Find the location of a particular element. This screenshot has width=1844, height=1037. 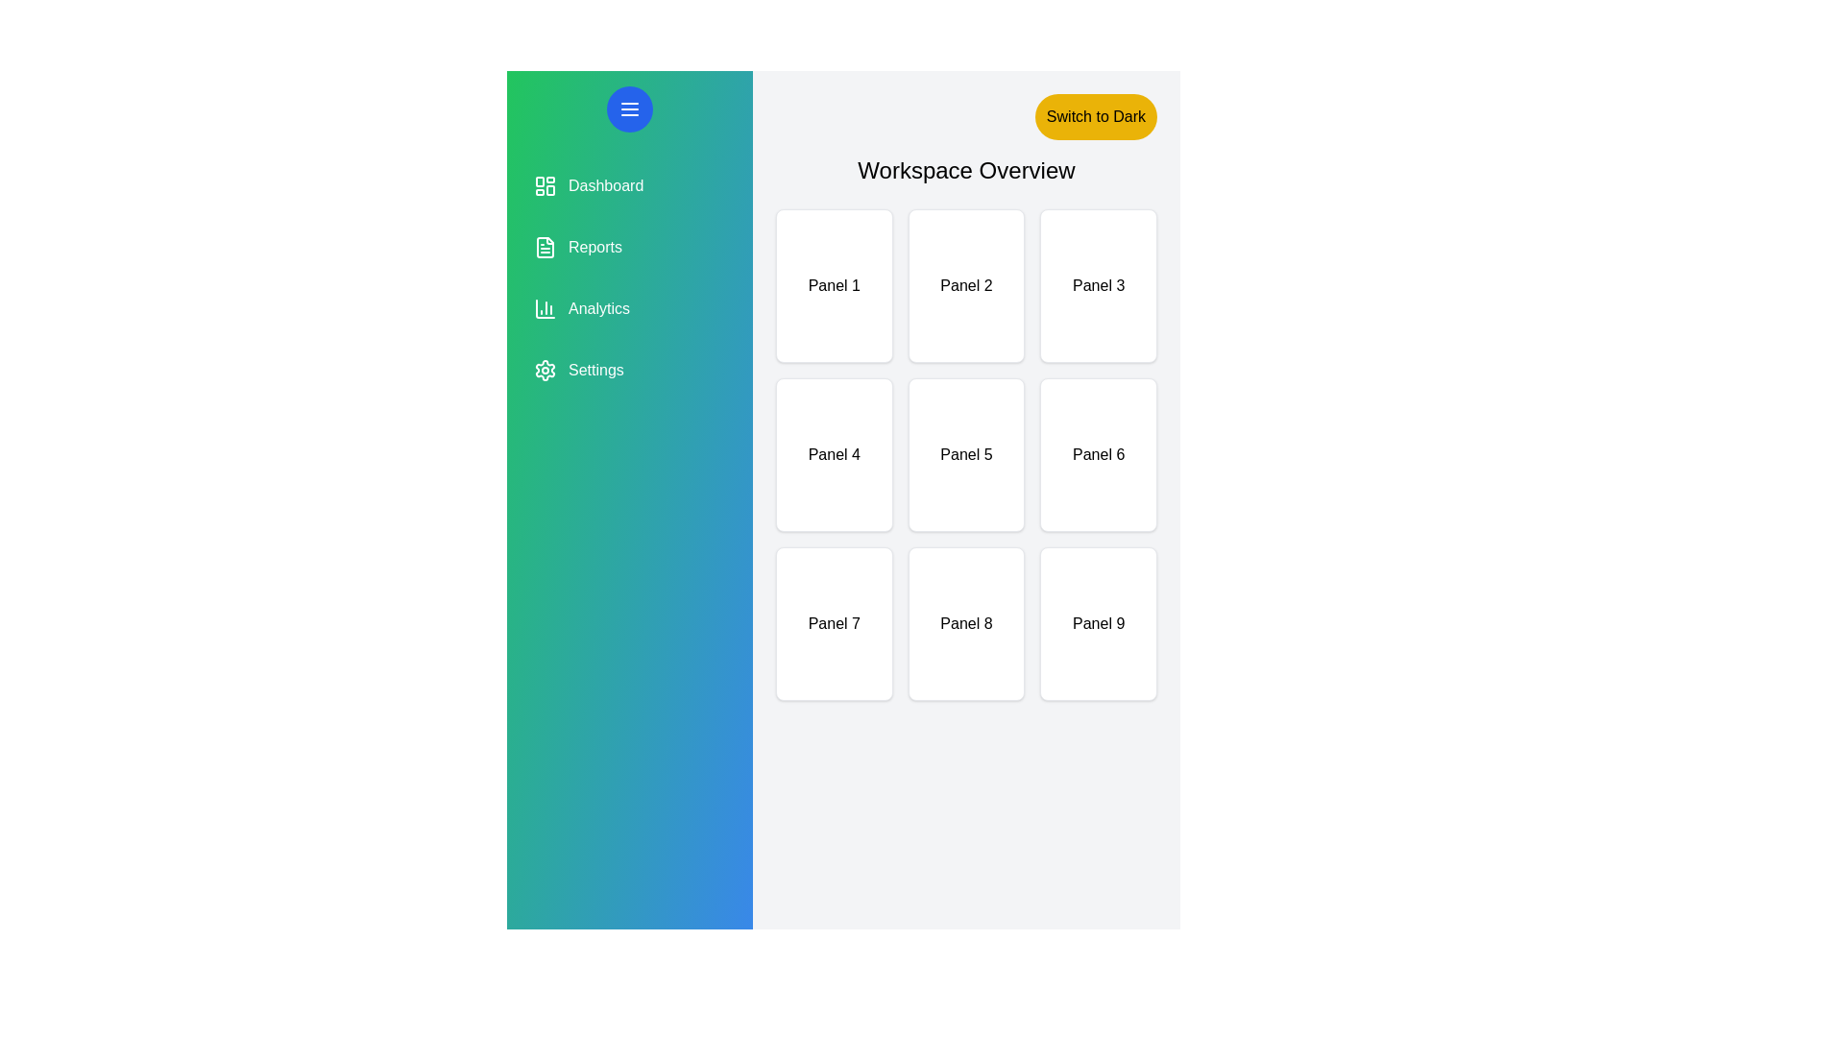

the 'Switch to Dark' button to toggle the theme is located at coordinates (1096, 117).